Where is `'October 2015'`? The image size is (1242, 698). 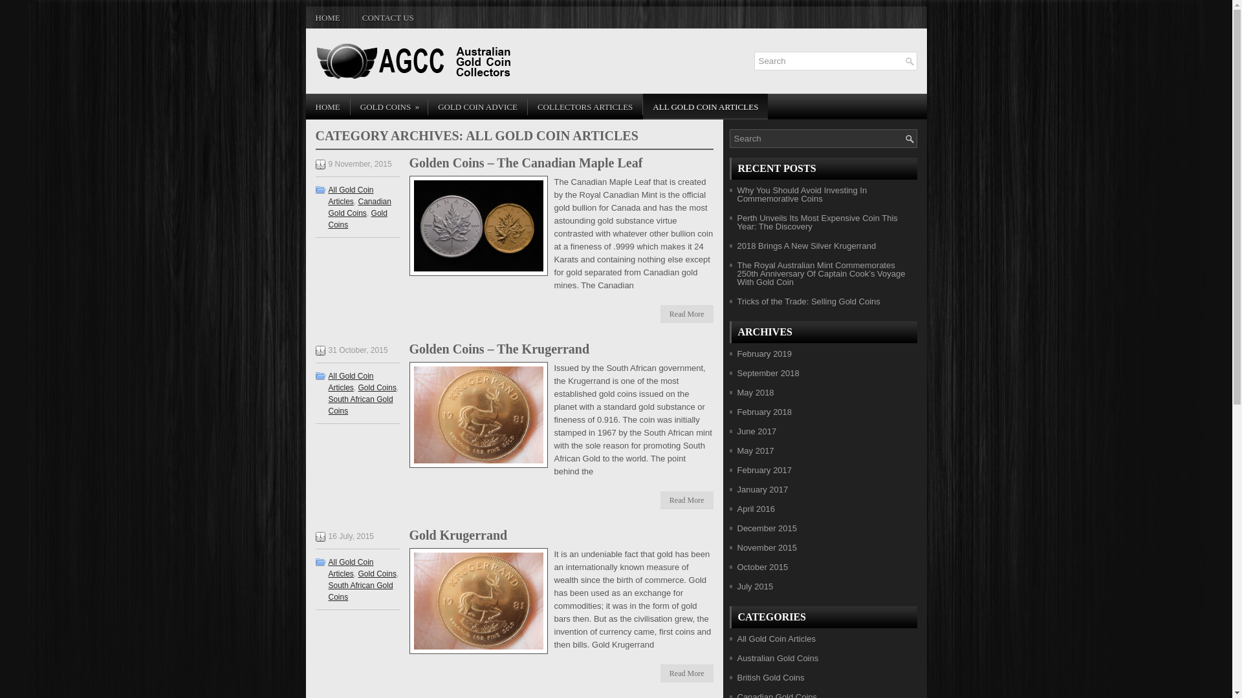 'October 2015' is located at coordinates (763, 566).